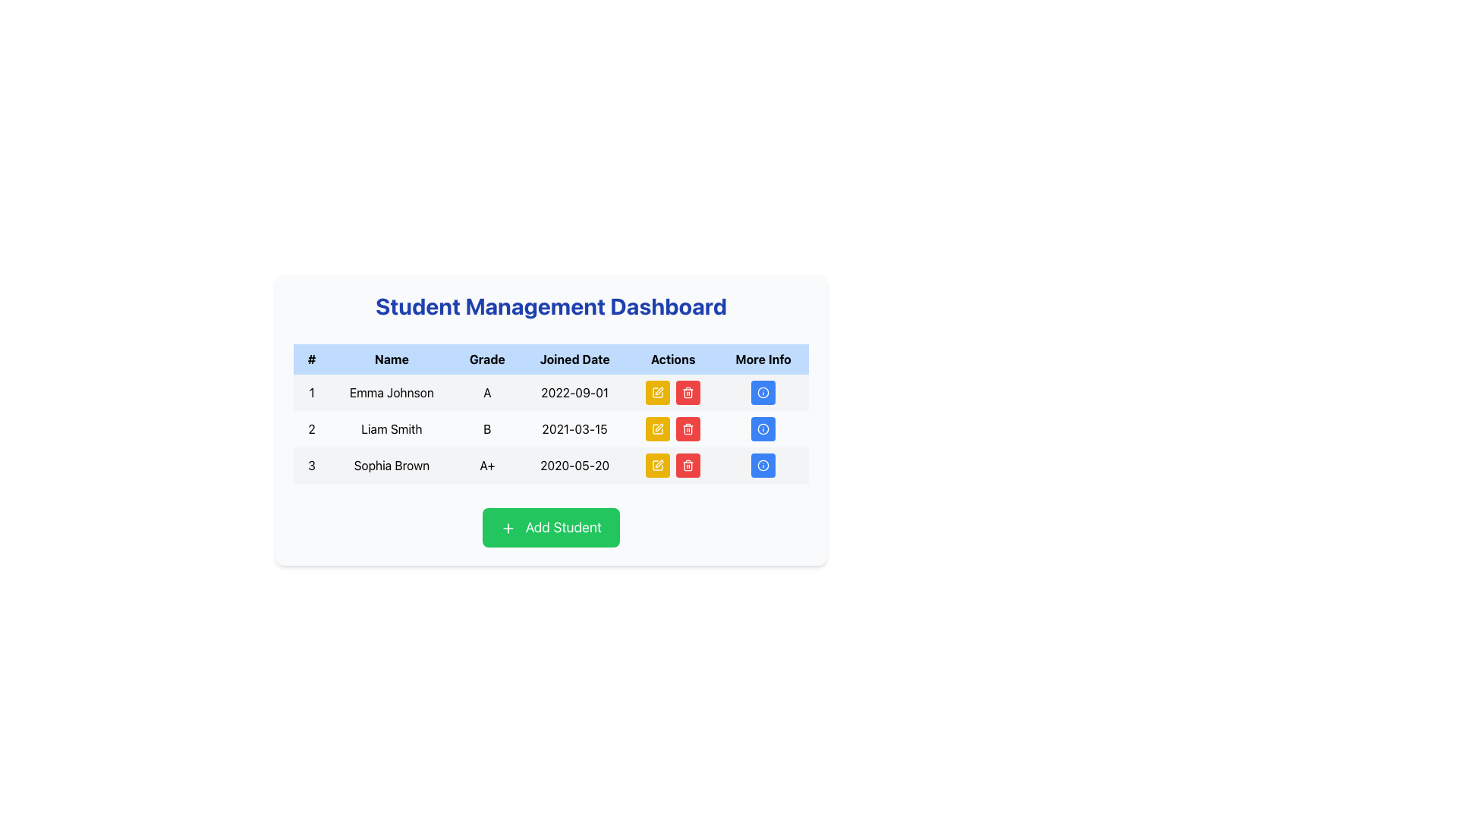  What do you see at coordinates (658, 464) in the screenshot?
I see `the yellow outlined square button in the 'Actions' column of the second row` at bounding box center [658, 464].